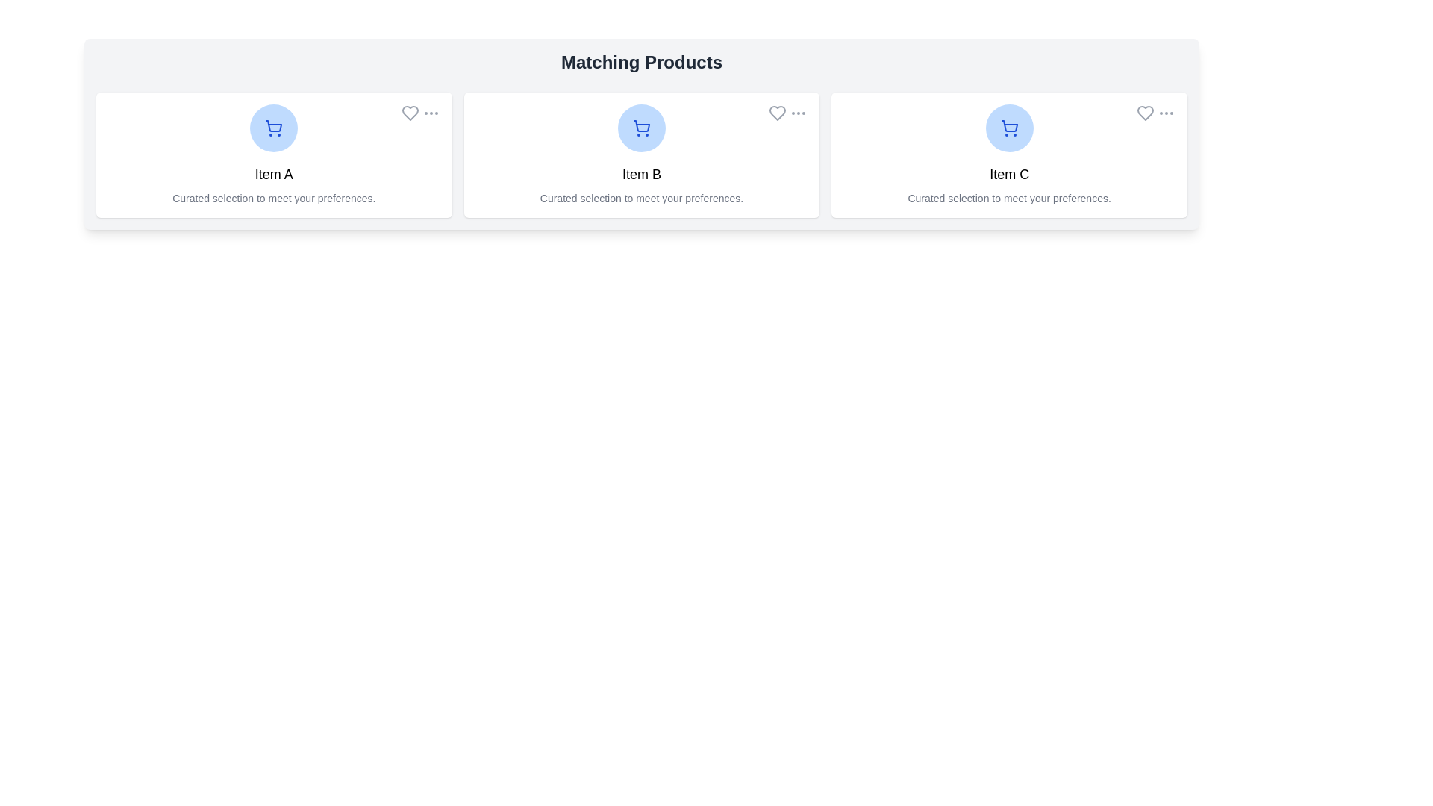 The height and width of the screenshot is (806, 1433). I want to click on the product image/icon to view details of Item B, so click(641, 128).